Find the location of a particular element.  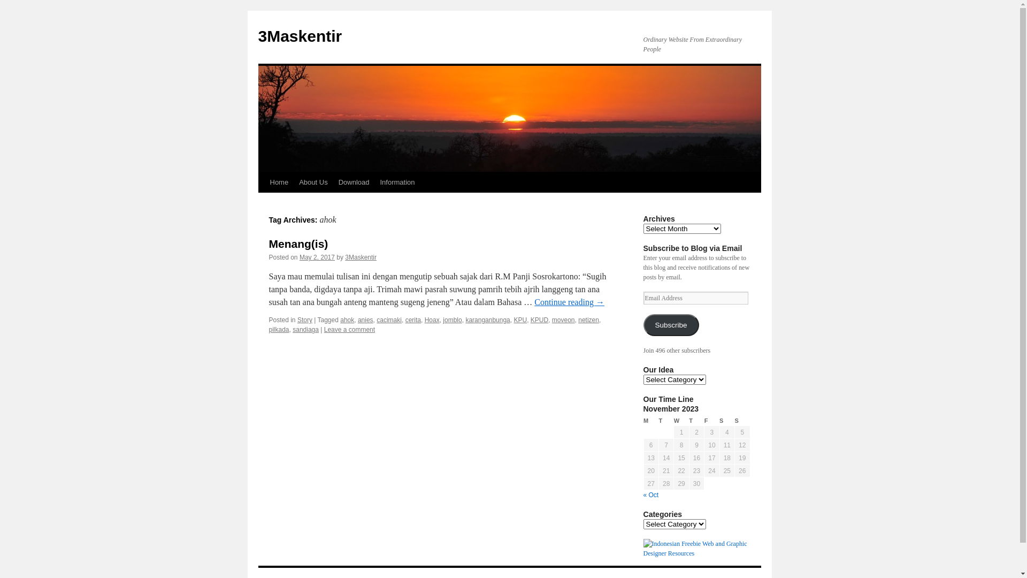

'May 2, 2017' is located at coordinates (300, 257).